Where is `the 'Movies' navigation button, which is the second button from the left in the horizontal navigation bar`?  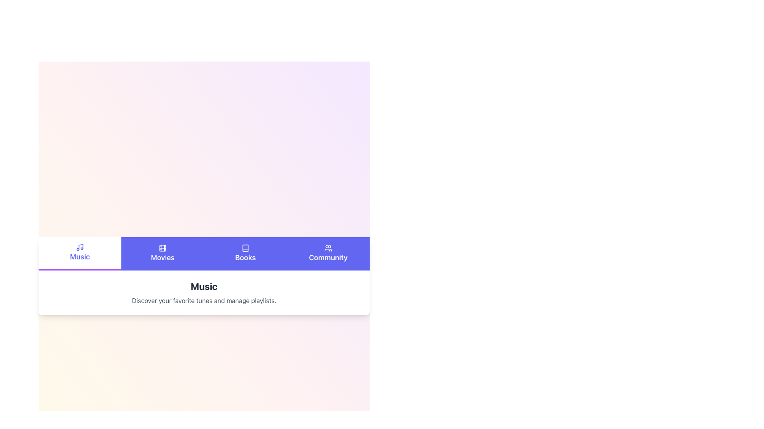
the 'Movies' navigation button, which is the second button from the left in the horizontal navigation bar is located at coordinates (162, 254).